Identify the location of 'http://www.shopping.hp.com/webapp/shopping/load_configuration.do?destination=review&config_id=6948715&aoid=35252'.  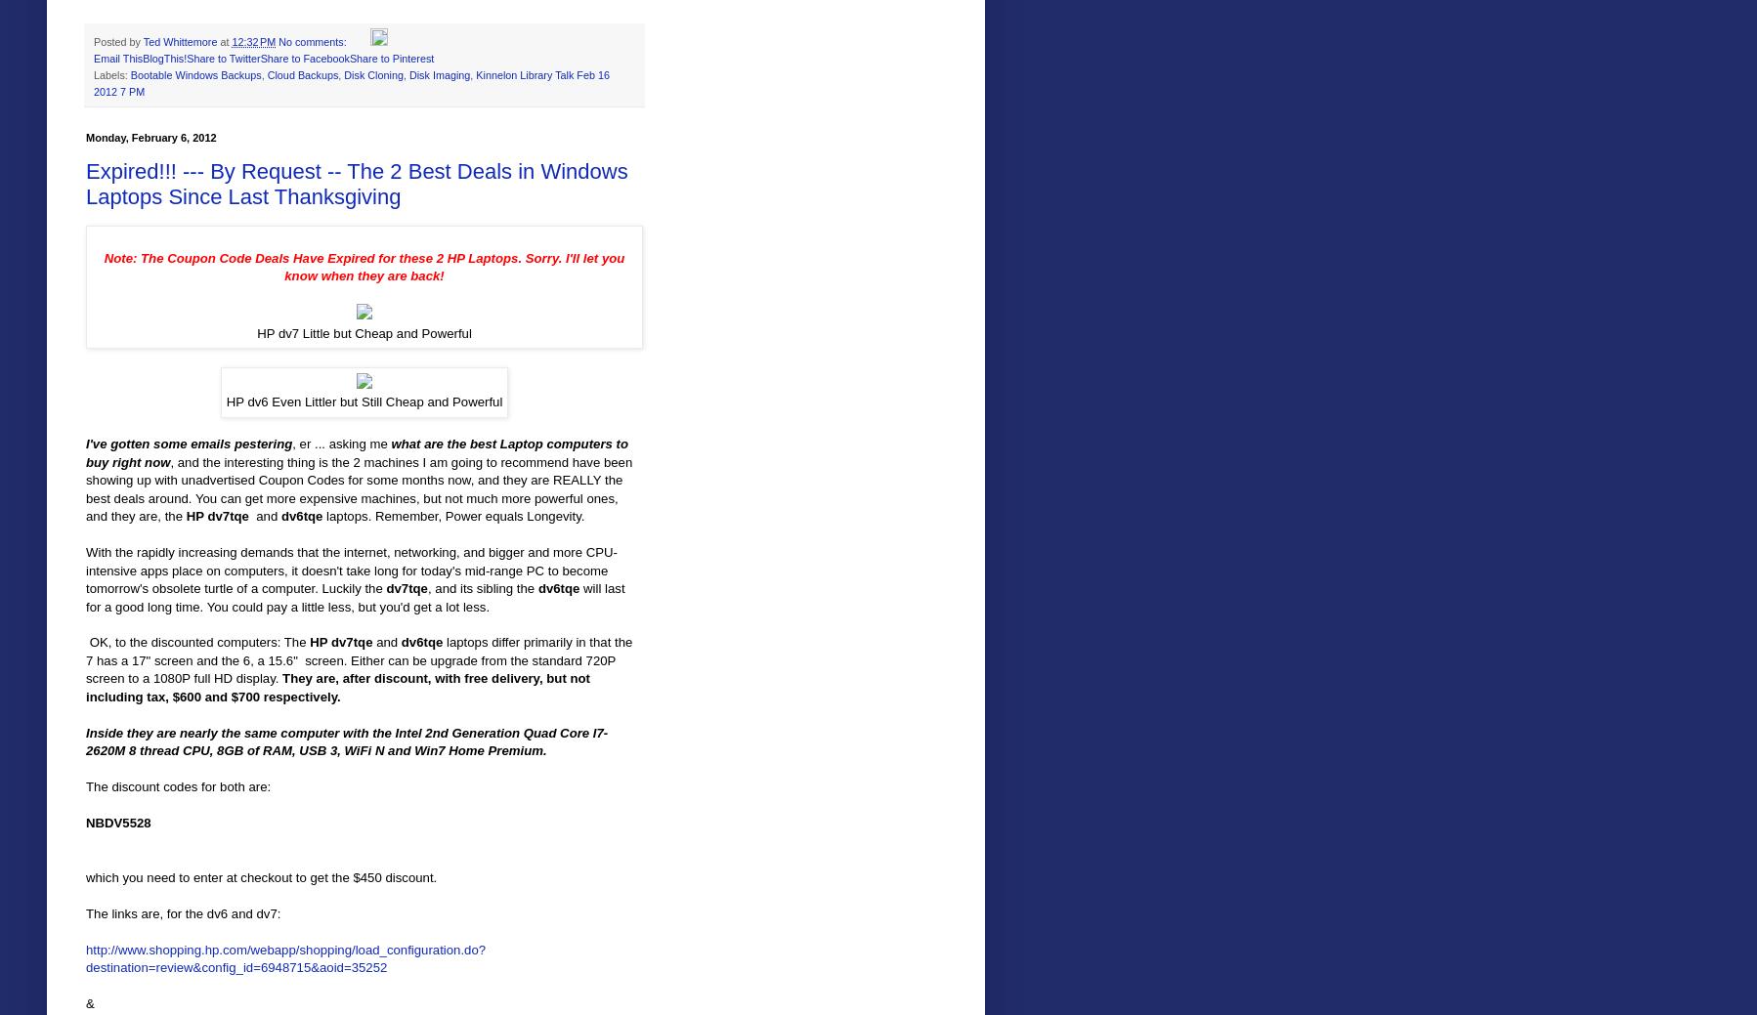
(285, 958).